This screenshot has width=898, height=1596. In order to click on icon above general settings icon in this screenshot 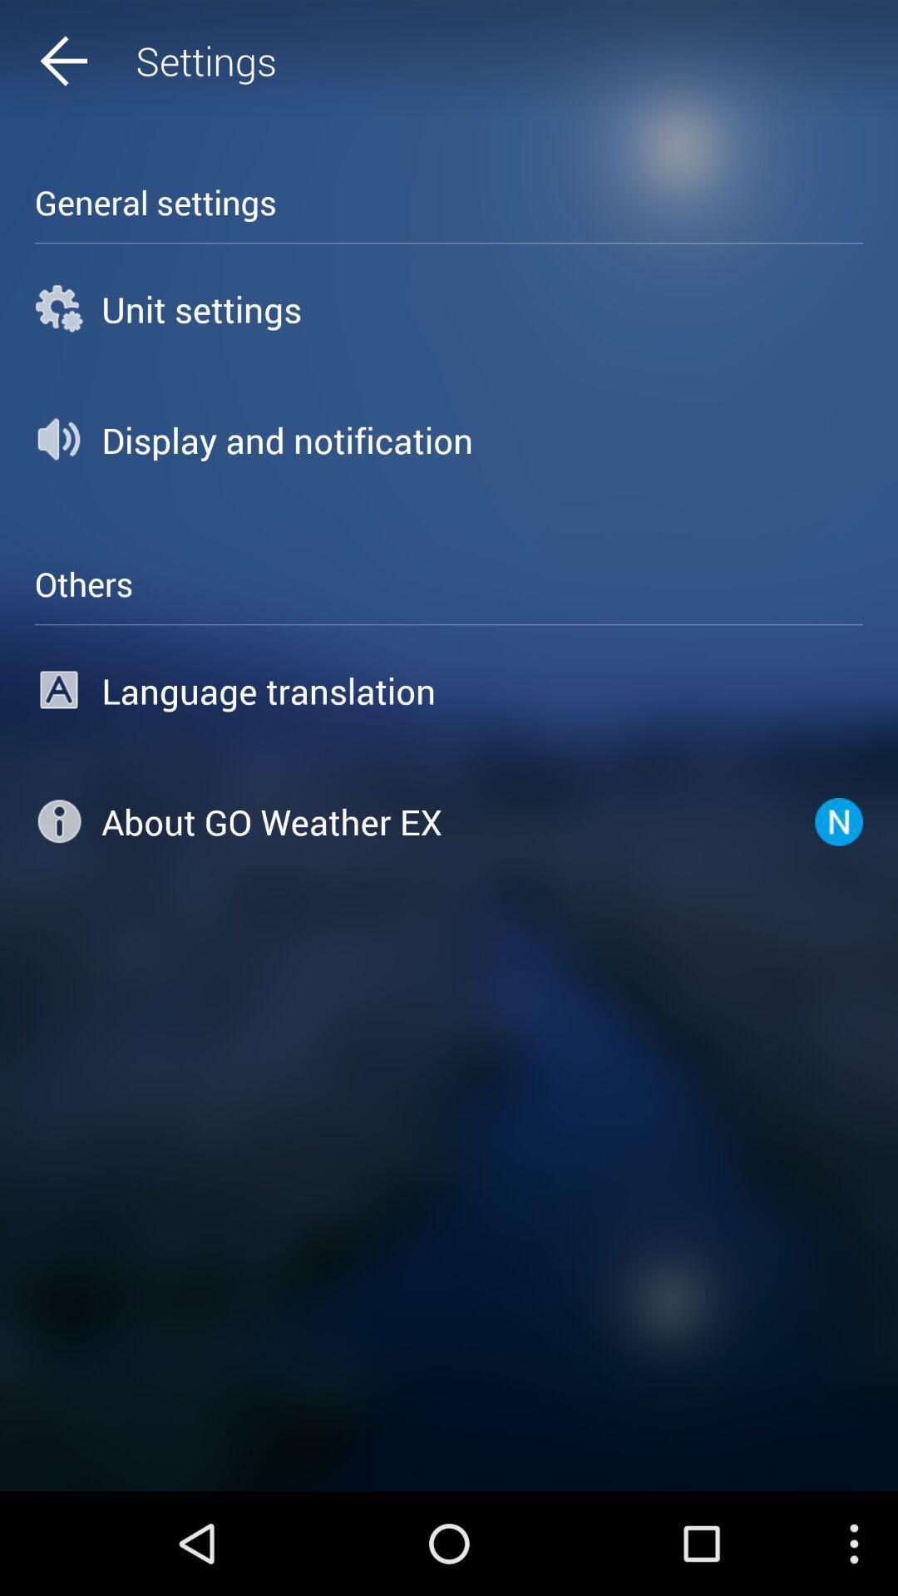, I will do `click(96, 61)`.